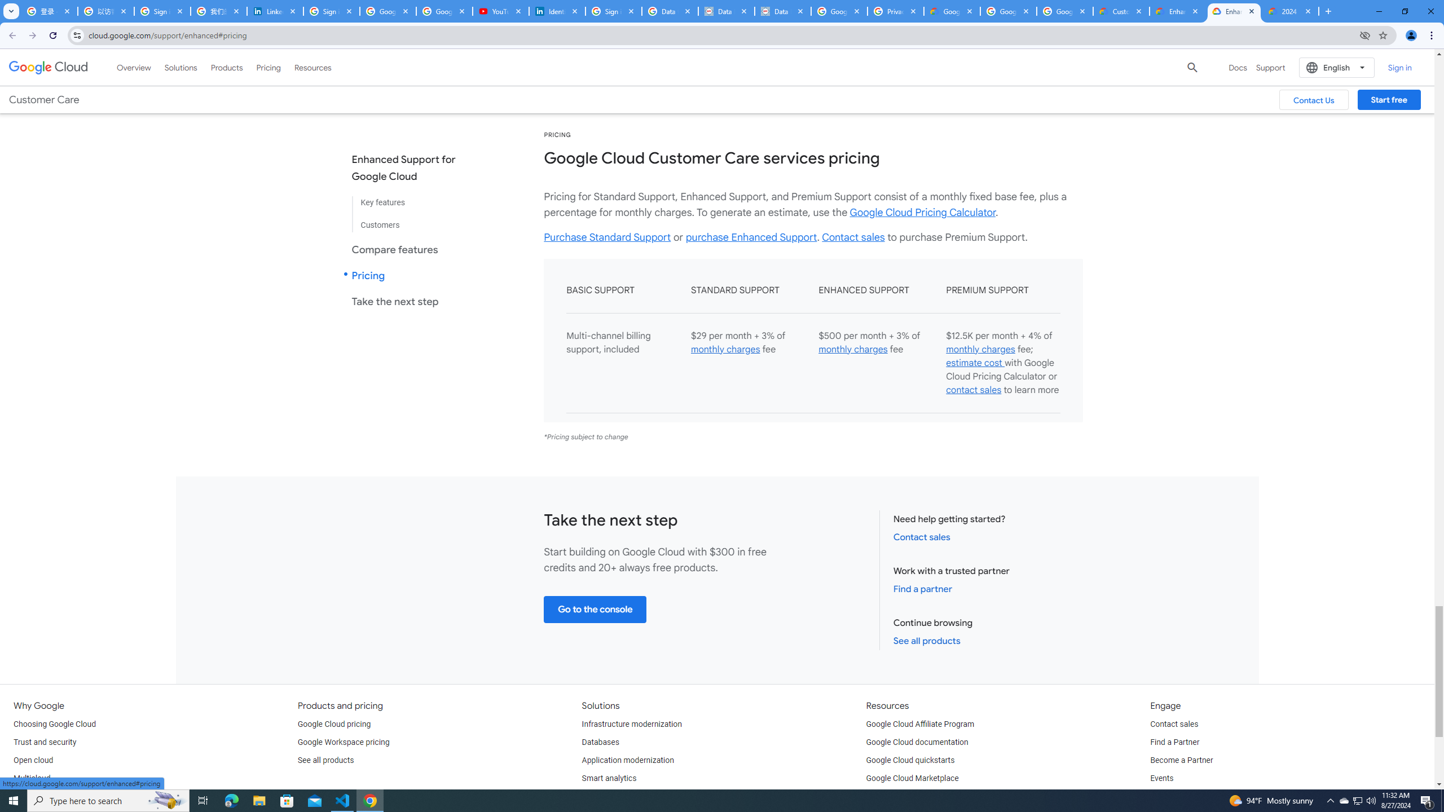 The image size is (1444, 812). Describe the element at coordinates (1177, 11) in the screenshot. I see `'Enhanced Support | Google Cloud'` at that location.